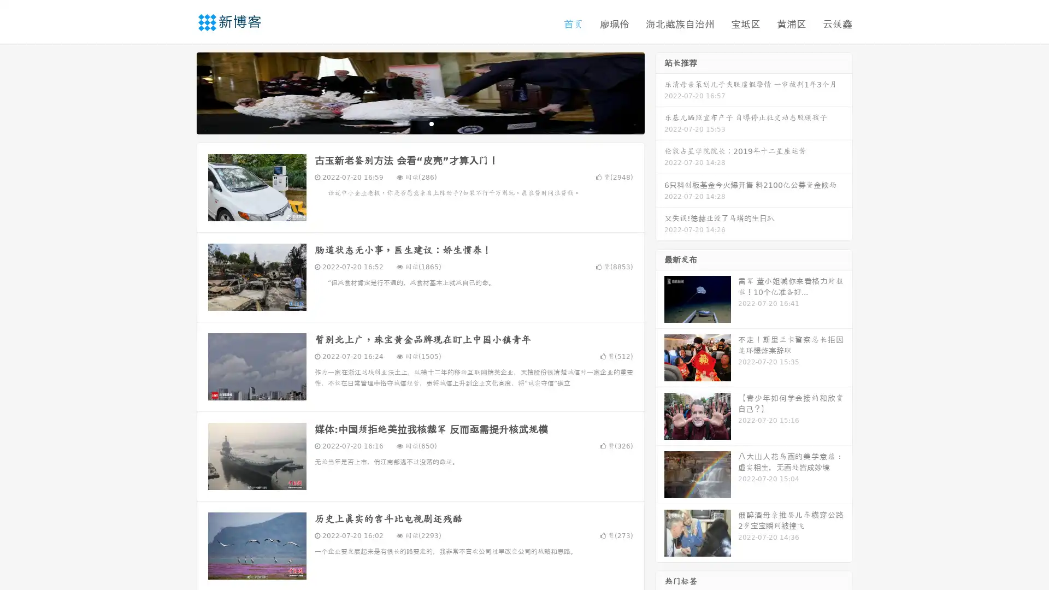  I want to click on Previous slide, so click(180, 92).